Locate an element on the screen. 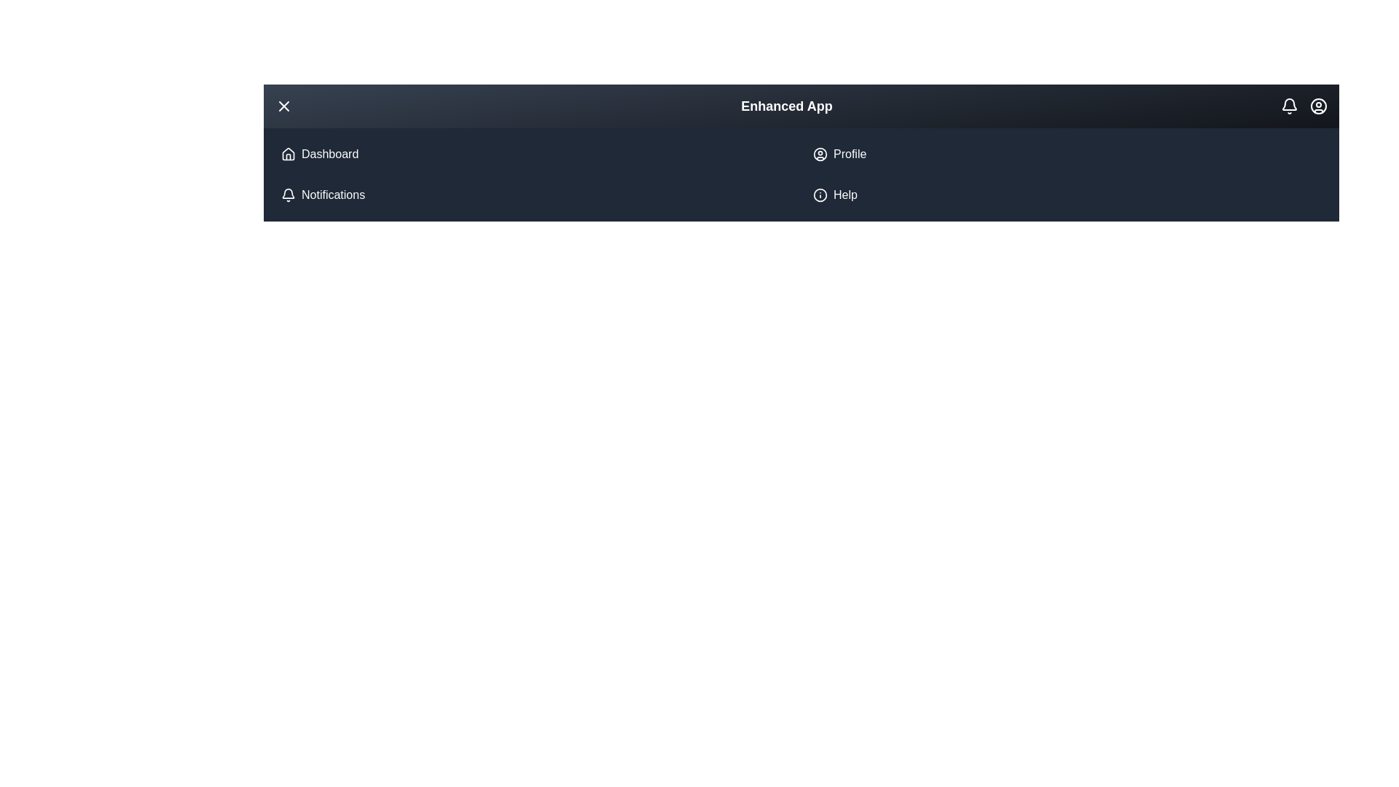 The image size is (1399, 787). the user profile icon in the top right corner is located at coordinates (1318, 106).